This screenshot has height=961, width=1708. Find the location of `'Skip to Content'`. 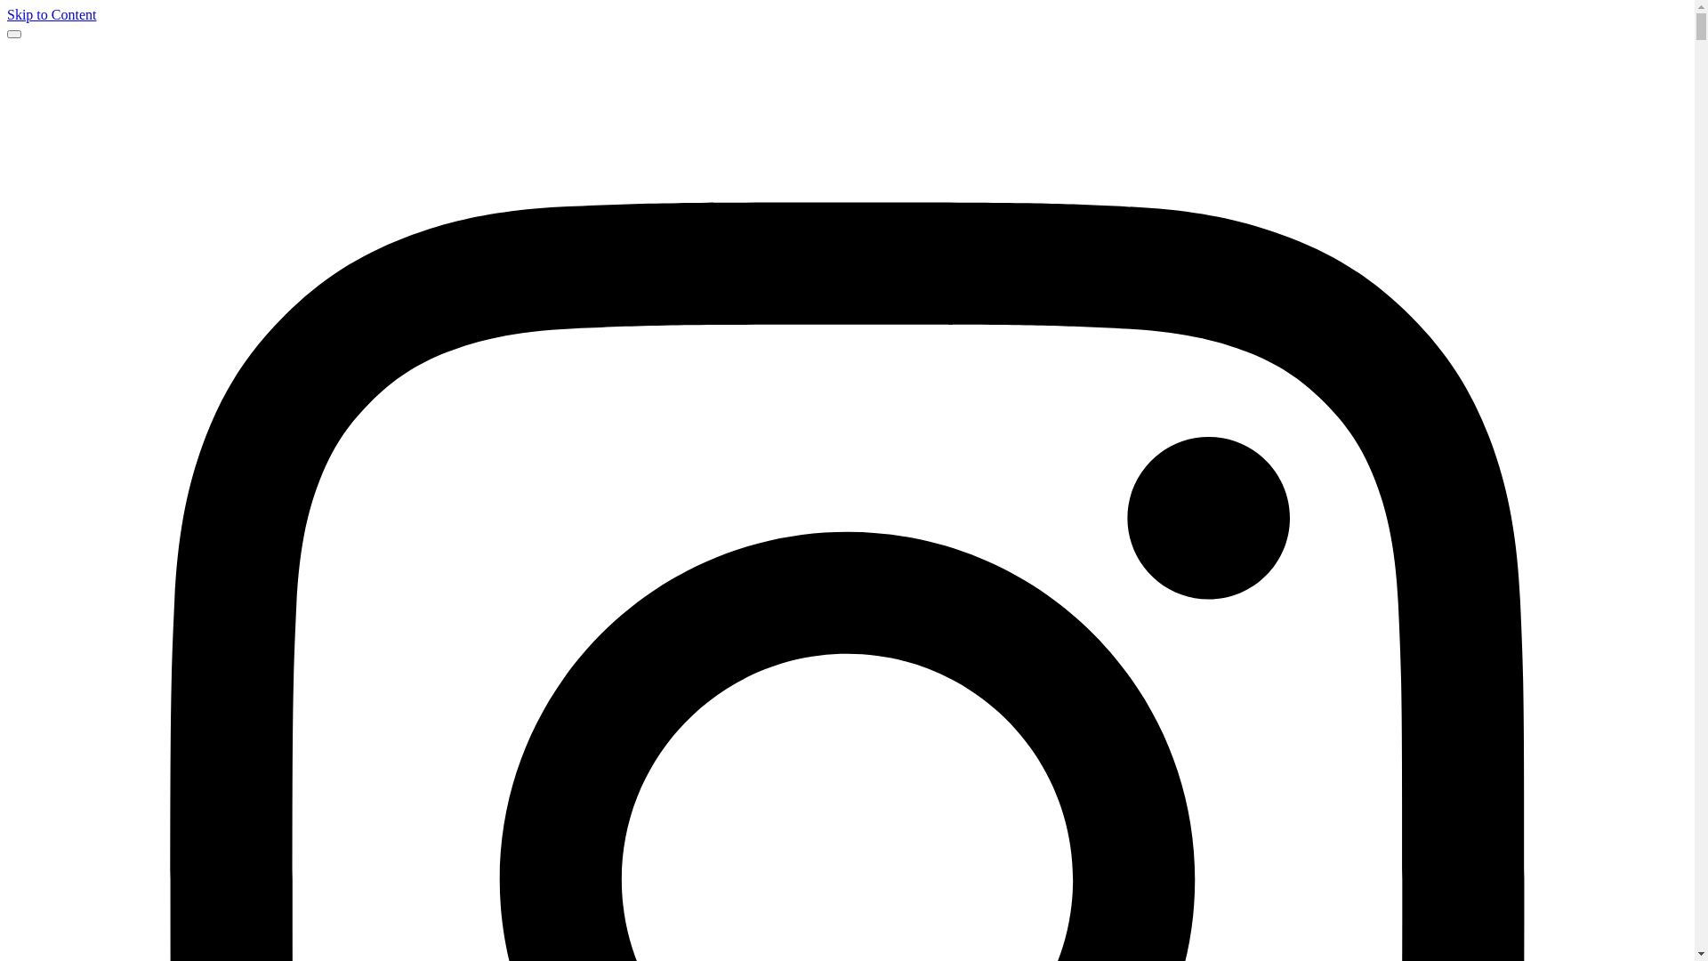

'Skip to Content' is located at coordinates (51, 14).